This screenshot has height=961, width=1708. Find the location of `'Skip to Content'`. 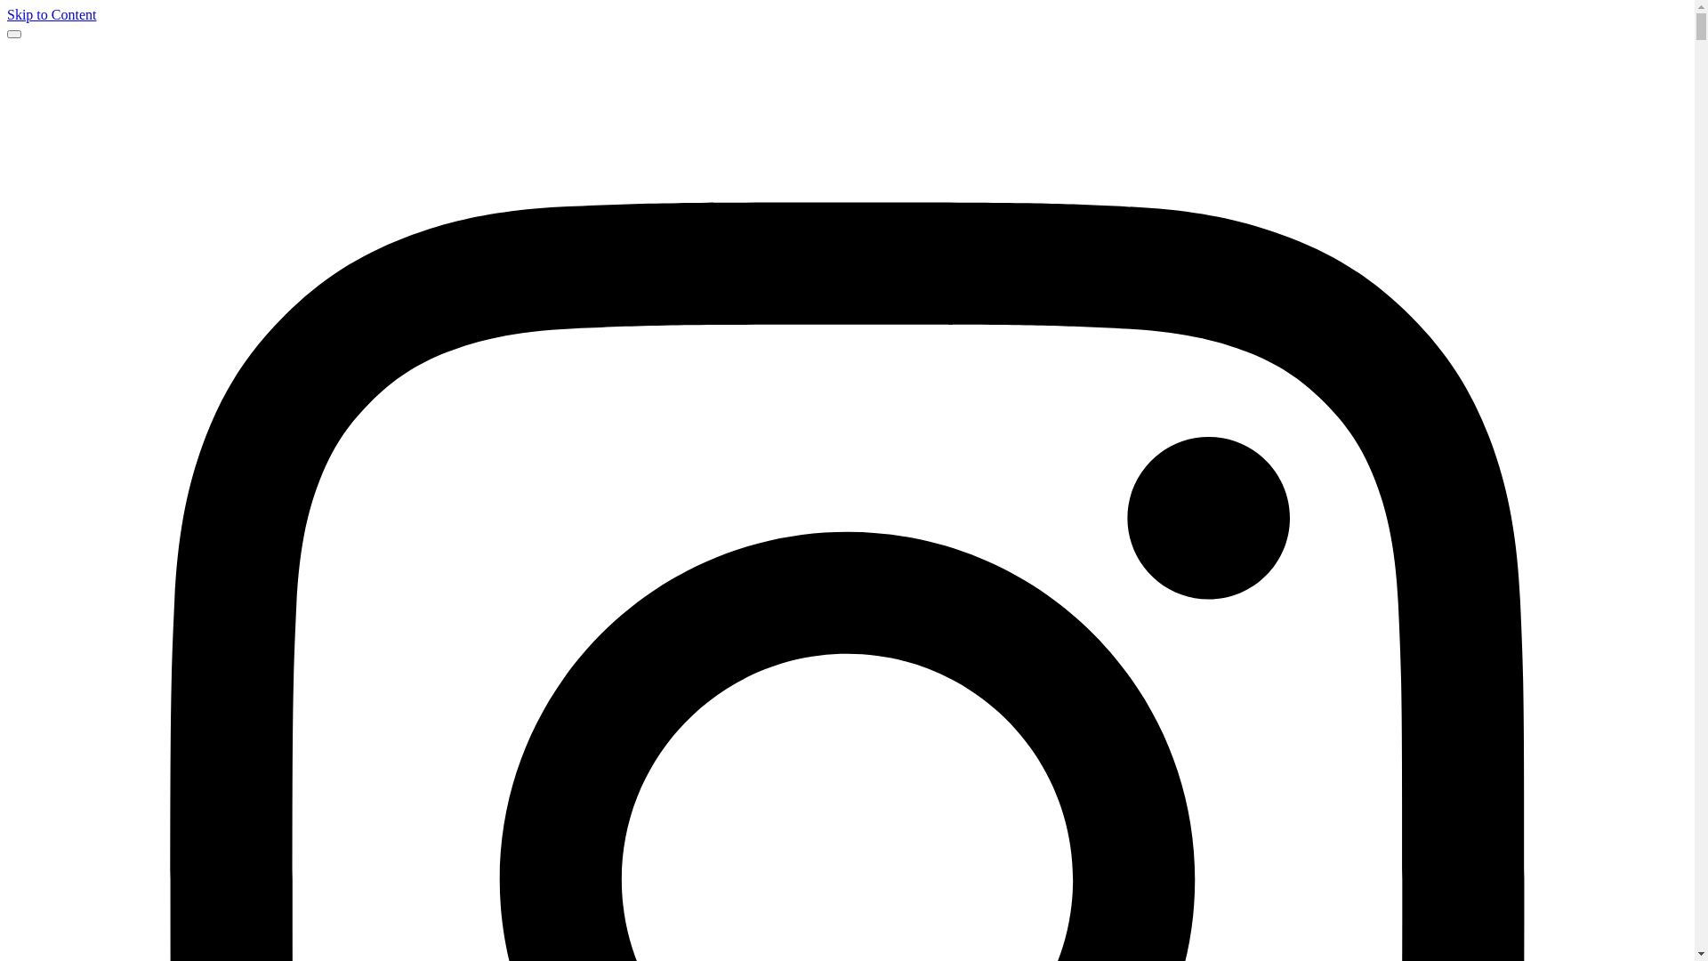

'Skip to Content' is located at coordinates (51, 14).